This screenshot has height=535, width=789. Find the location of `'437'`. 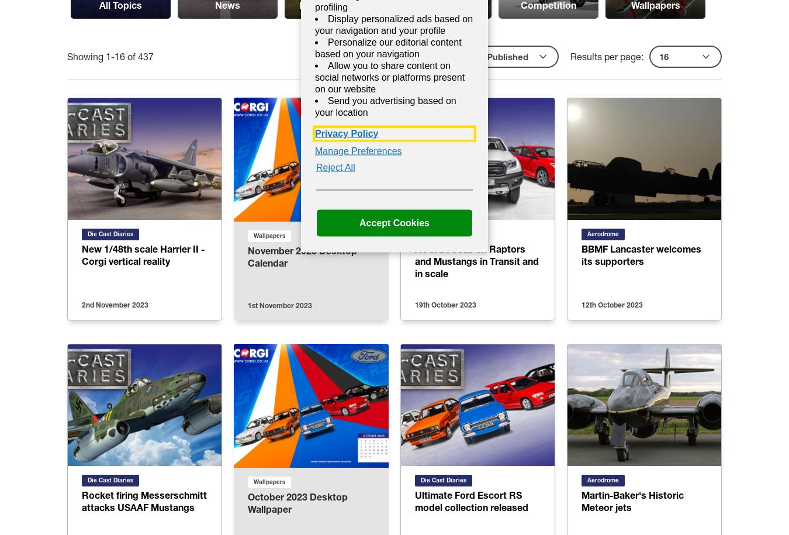

'437' is located at coordinates (145, 56).